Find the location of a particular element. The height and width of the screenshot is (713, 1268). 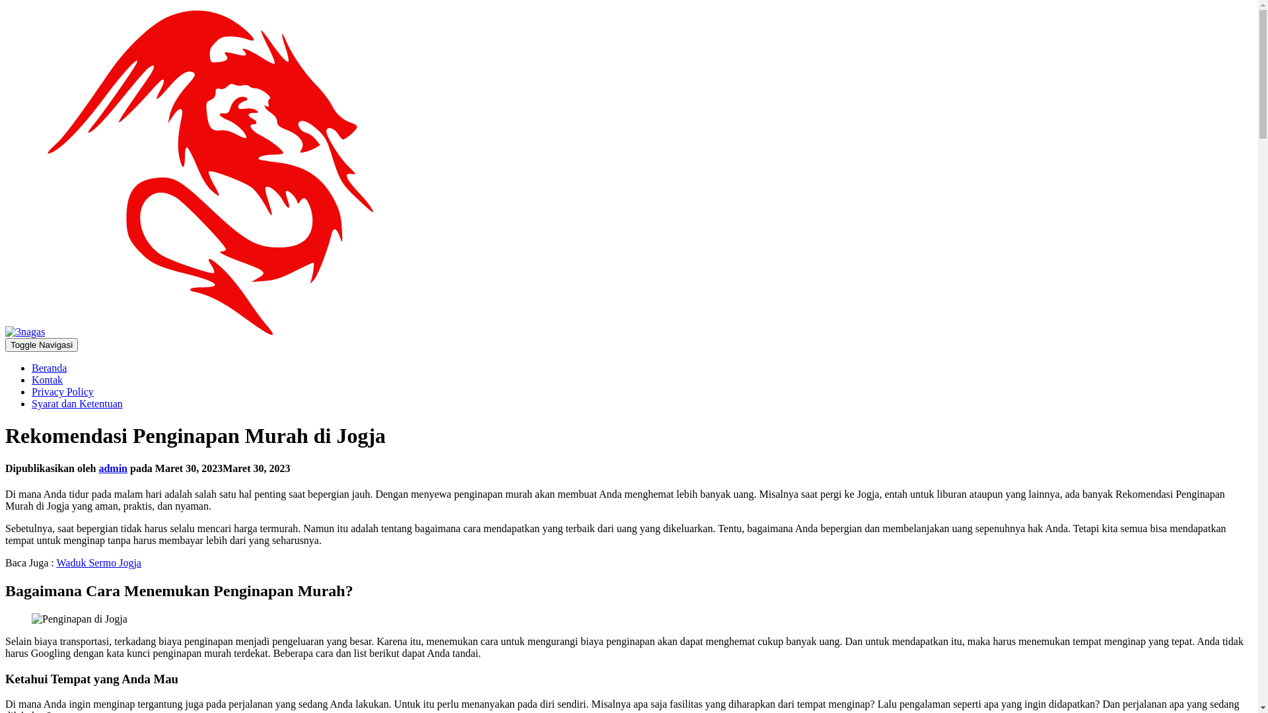

'Waduk Sermo Jogja' is located at coordinates (55, 562).